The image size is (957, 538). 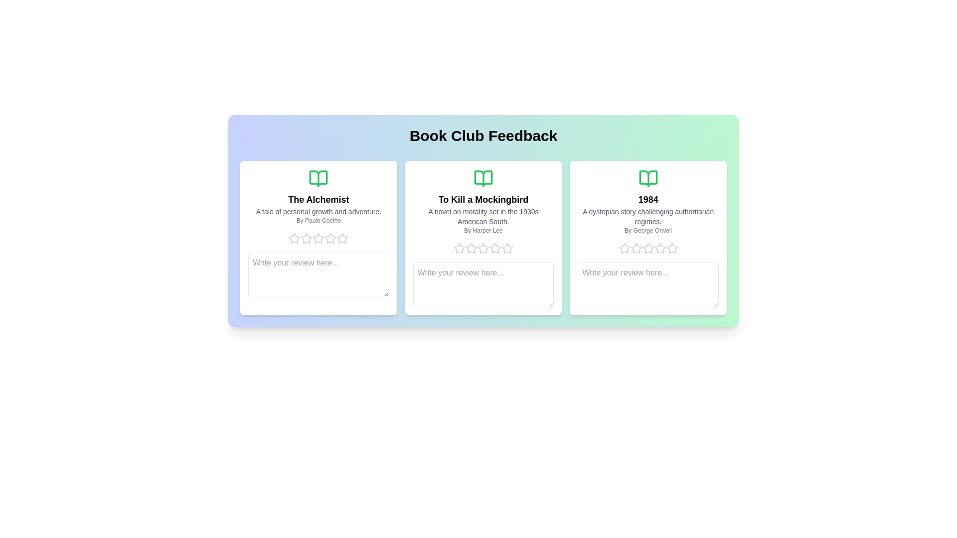 I want to click on text label displaying the title of the book 'The Alchemist' located at the center of the top third of the leftmost card in a row of three cards, so click(x=318, y=200).